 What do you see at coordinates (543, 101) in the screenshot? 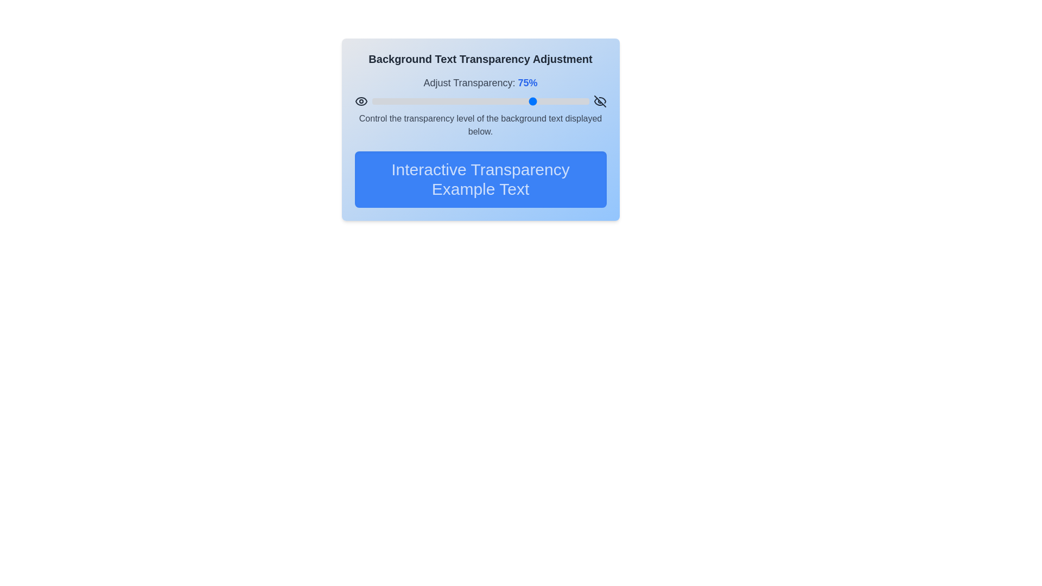
I see `the transparency slider to 79%` at bounding box center [543, 101].